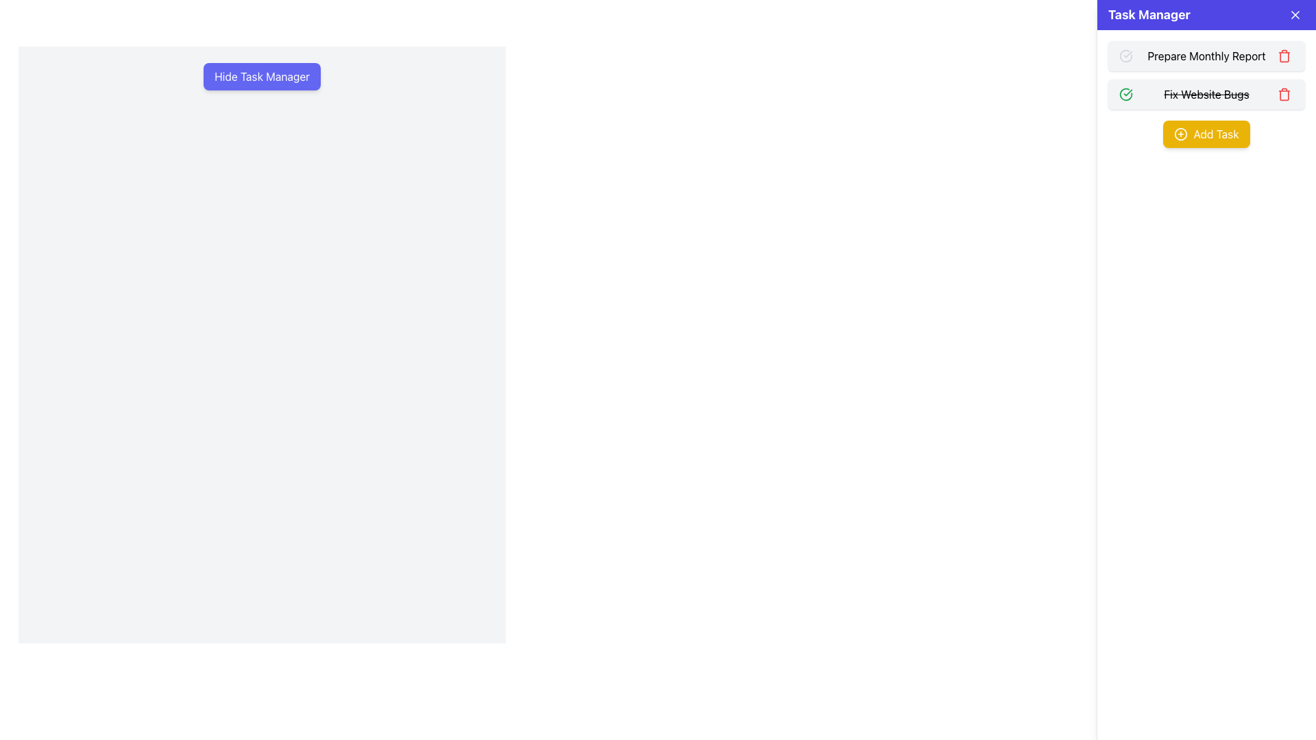  I want to click on the Text Label that serves as a title or header for the section, located at the top of the blue header bar, aligned towards the left side, so click(1149, 15).